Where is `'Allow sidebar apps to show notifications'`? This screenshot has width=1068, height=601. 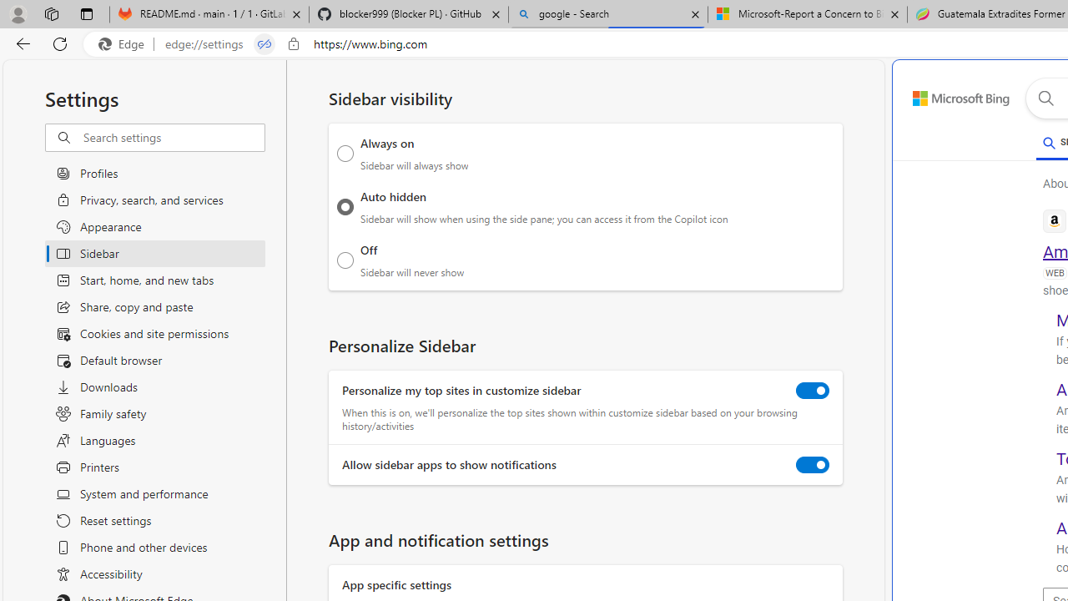
'Allow sidebar apps to show notifications' is located at coordinates (813, 465).